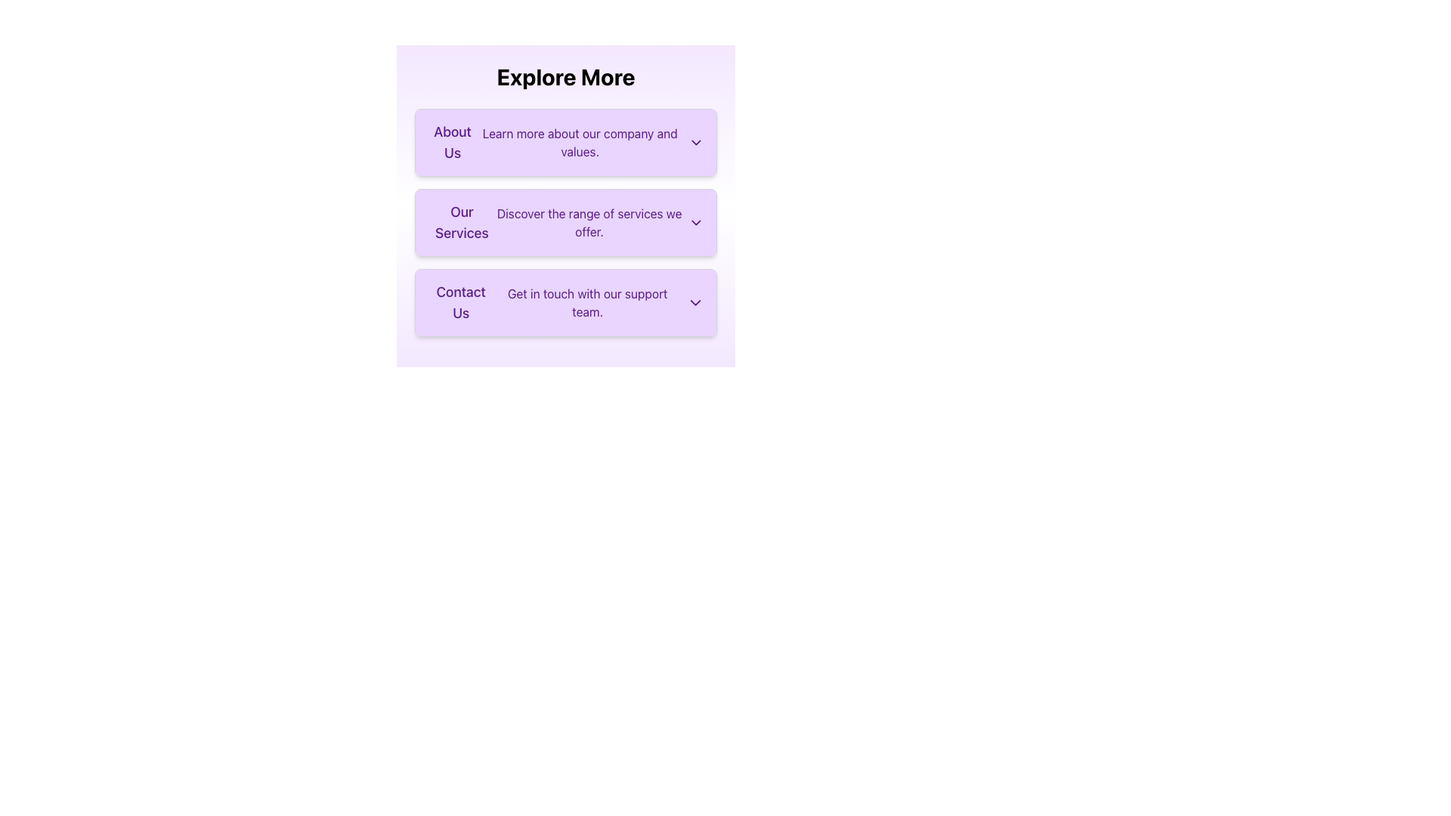 This screenshot has height=816, width=1451. What do you see at coordinates (565, 222) in the screenshot?
I see `the second clickable card in the 'Explore More' section, which links to the range of services offered by the application` at bounding box center [565, 222].